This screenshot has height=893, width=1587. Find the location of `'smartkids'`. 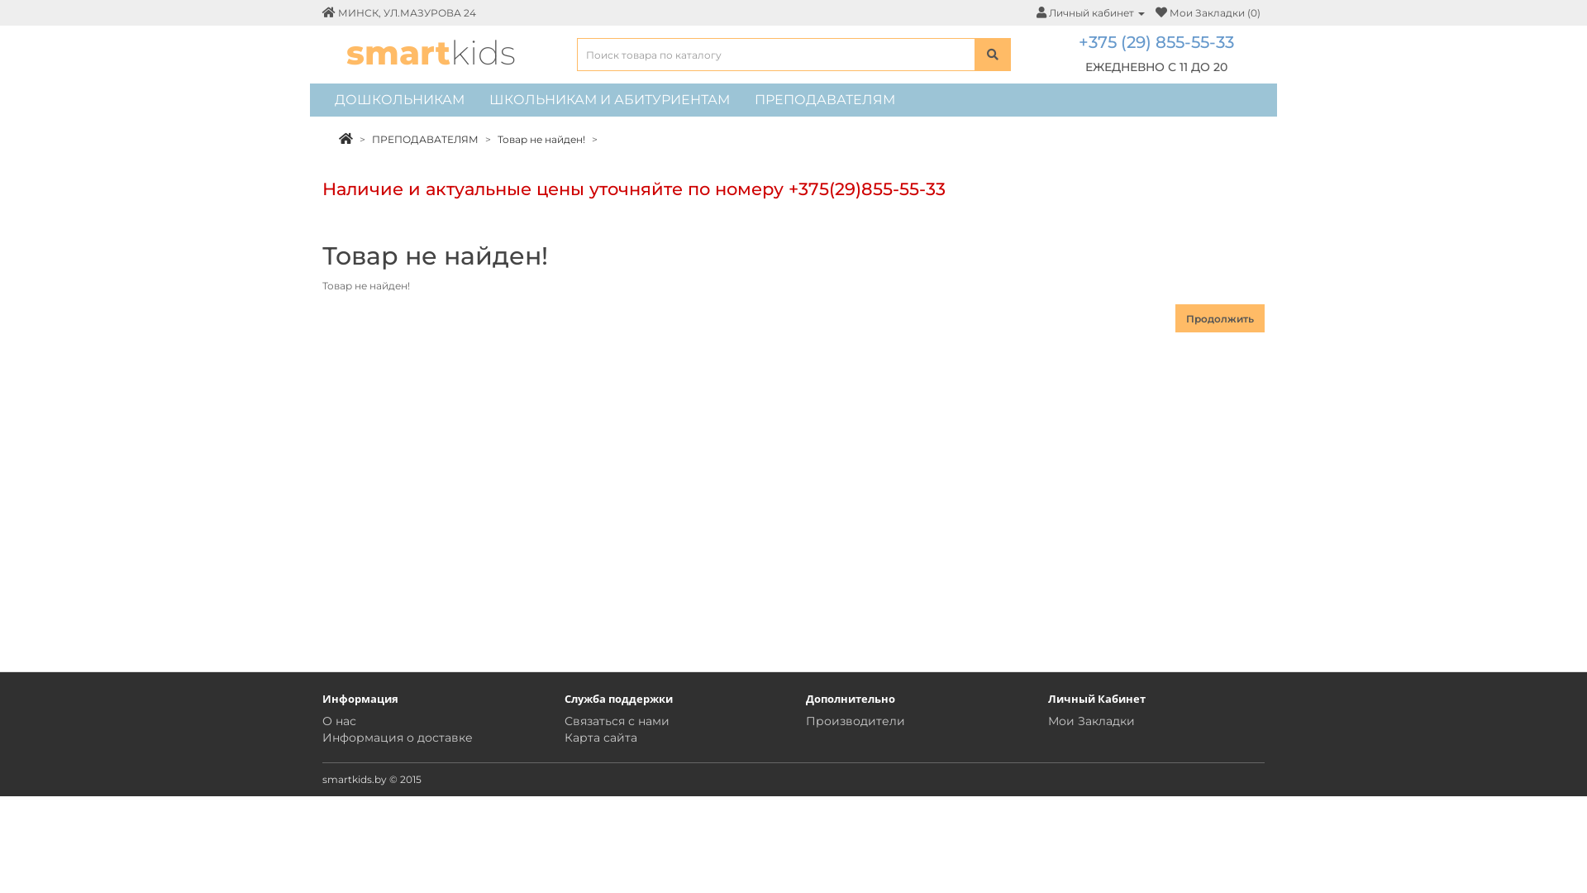

'smartkids' is located at coordinates (431, 51).